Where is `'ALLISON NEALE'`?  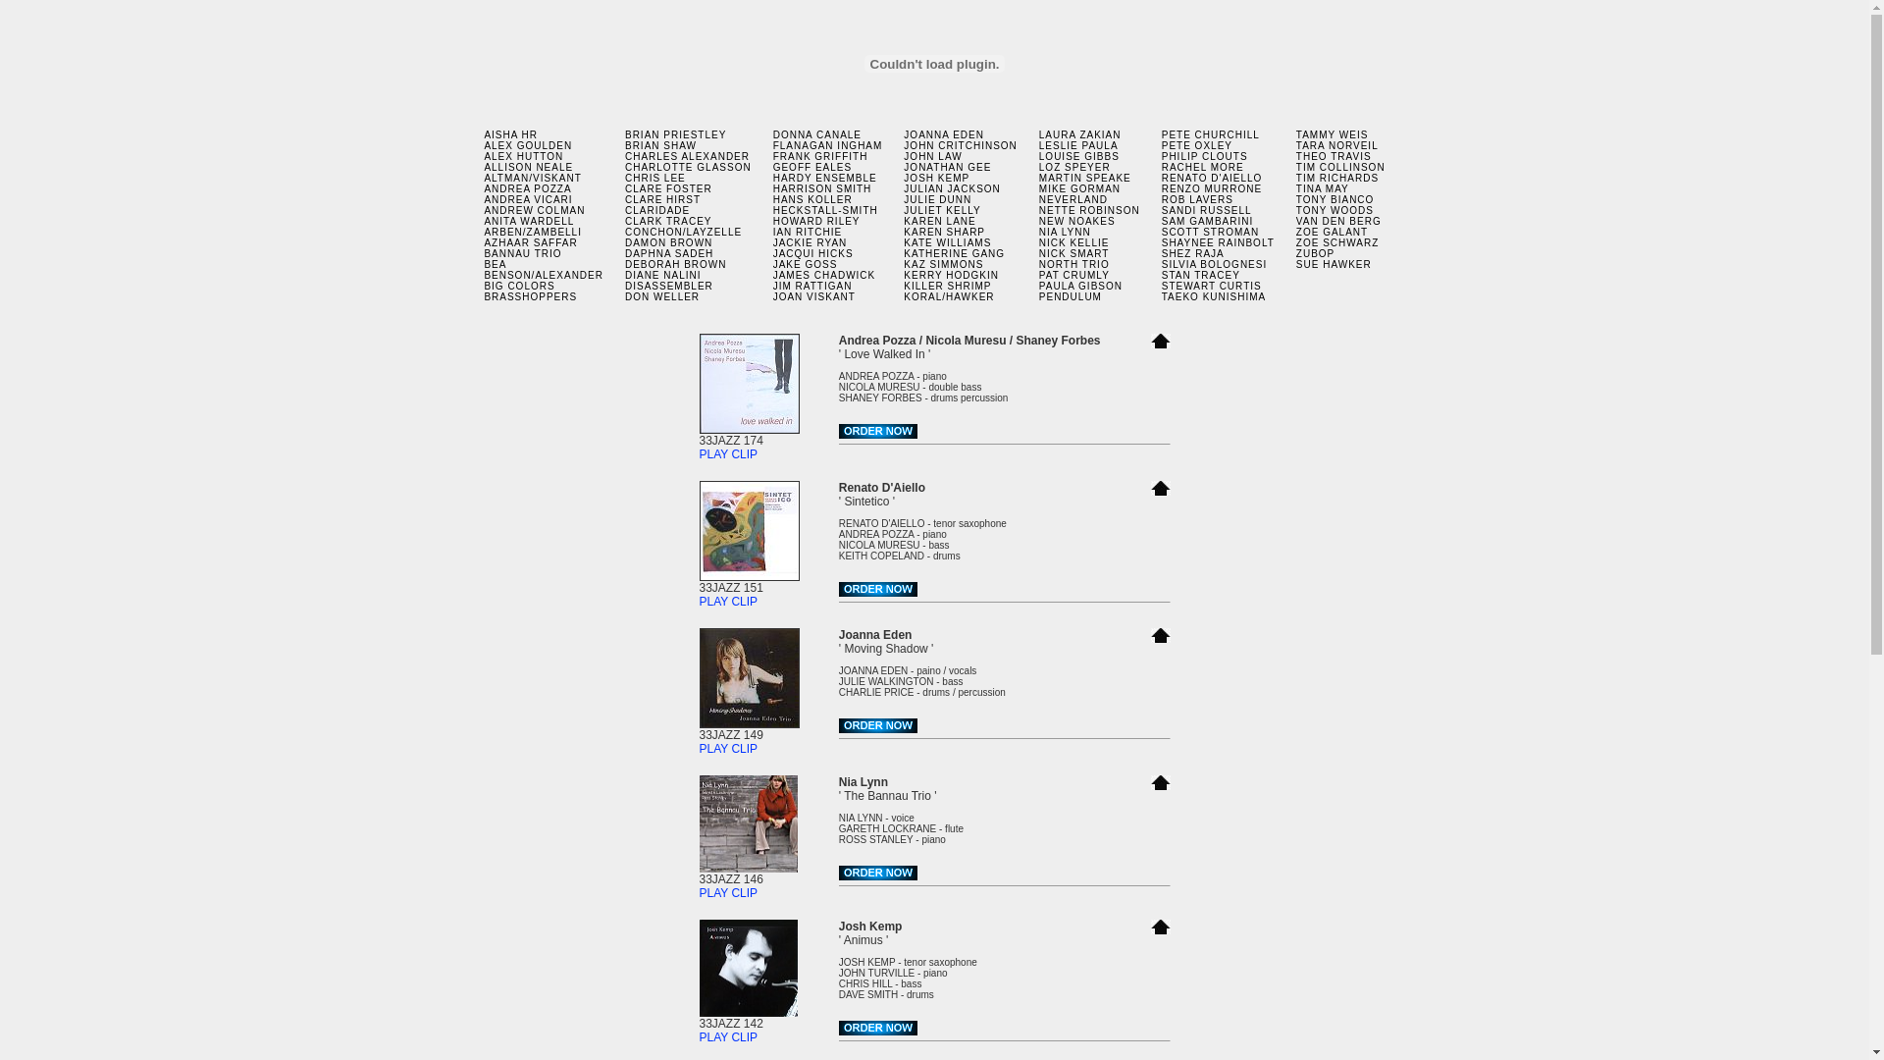 'ALLISON NEALE' is located at coordinates (528, 166).